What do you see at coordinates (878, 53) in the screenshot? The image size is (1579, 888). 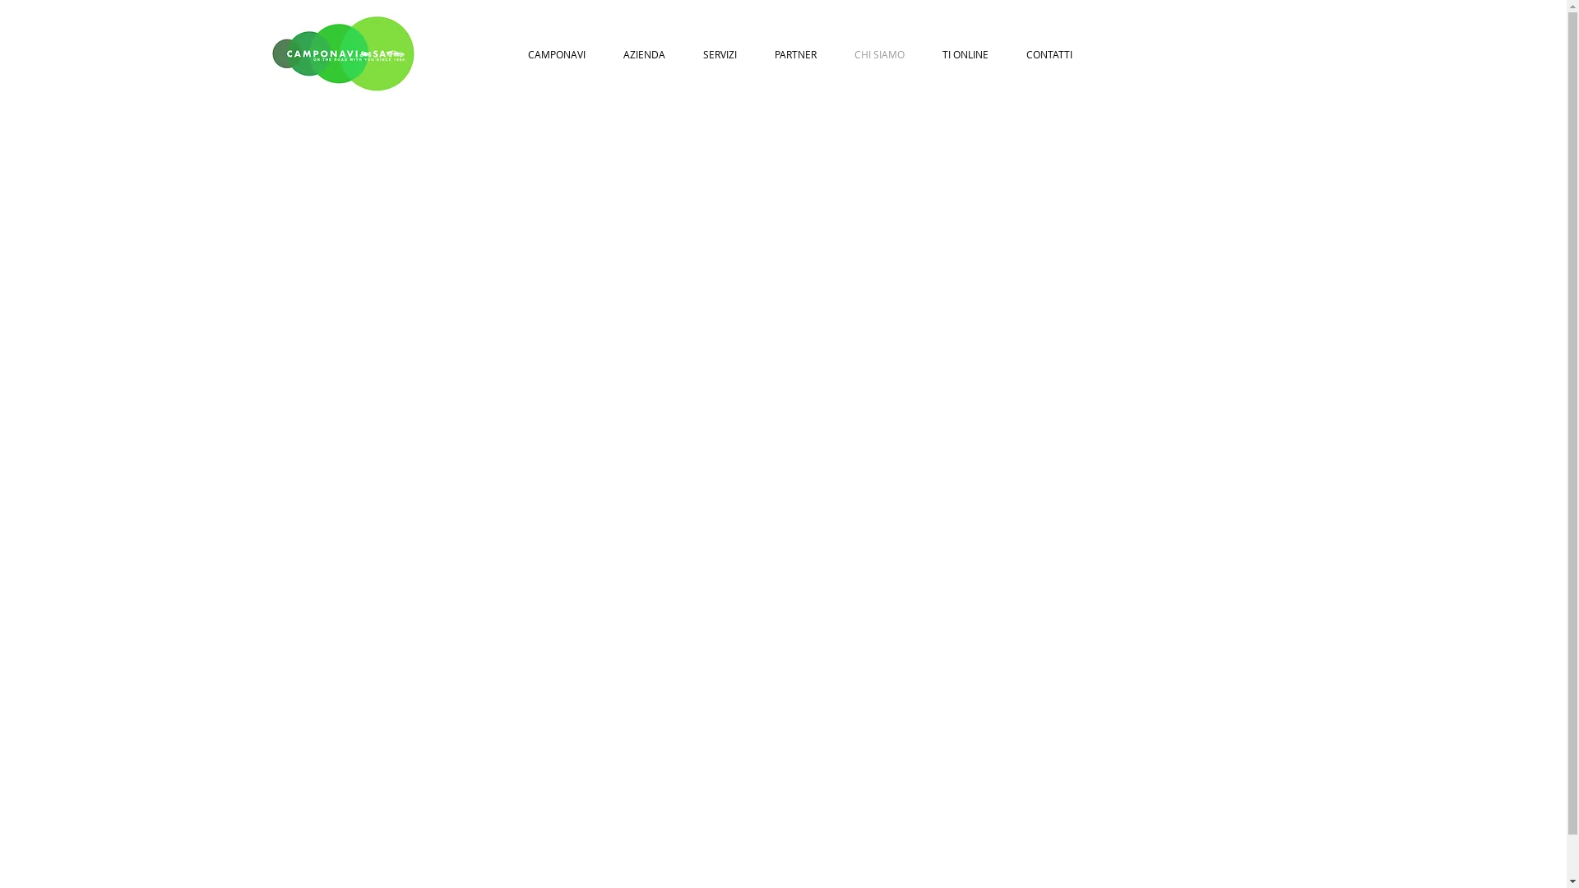 I see `'CHI SIAMO'` at bounding box center [878, 53].